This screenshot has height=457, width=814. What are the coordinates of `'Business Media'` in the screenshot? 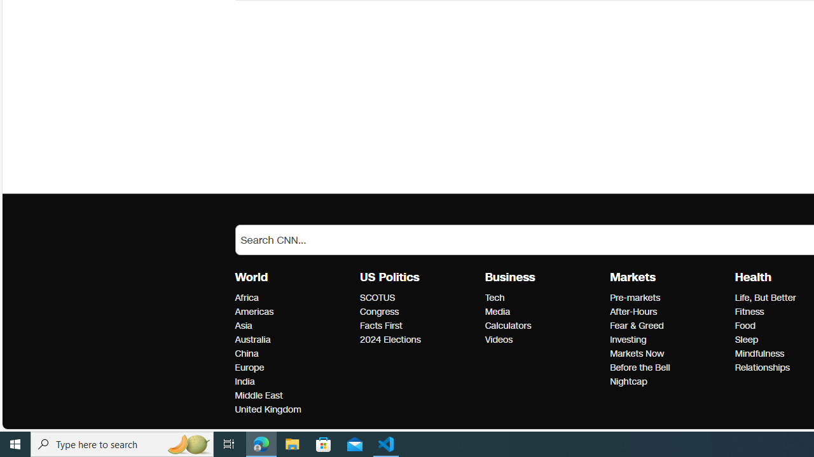 It's located at (497, 312).